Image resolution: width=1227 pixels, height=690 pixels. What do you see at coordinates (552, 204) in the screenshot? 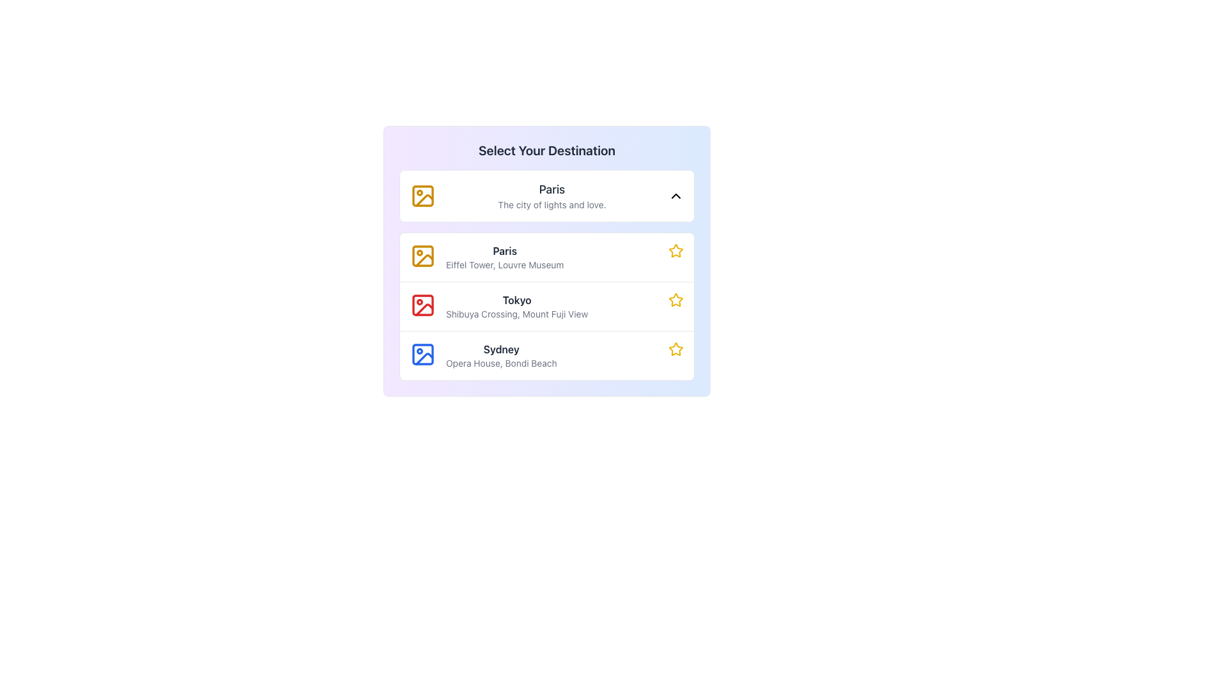
I see `descriptive subtitle text labeled 'The city of lights and love.' positioned beneath the title 'Paris'` at bounding box center [552, 204].